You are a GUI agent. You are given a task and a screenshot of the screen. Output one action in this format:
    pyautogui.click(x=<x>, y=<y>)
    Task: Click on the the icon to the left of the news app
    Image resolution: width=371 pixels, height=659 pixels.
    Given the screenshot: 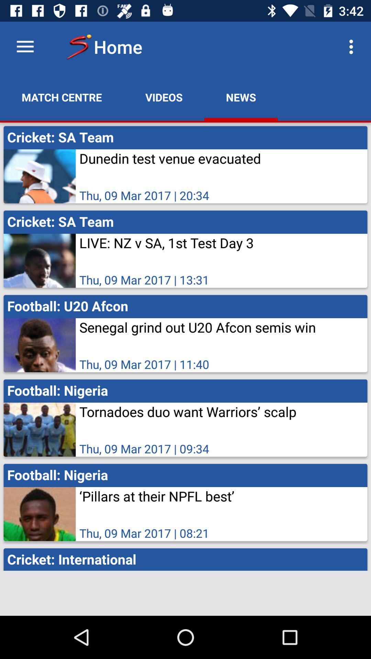 What is the action you would take?
    pyautogui.click(x=164, y=97)
    